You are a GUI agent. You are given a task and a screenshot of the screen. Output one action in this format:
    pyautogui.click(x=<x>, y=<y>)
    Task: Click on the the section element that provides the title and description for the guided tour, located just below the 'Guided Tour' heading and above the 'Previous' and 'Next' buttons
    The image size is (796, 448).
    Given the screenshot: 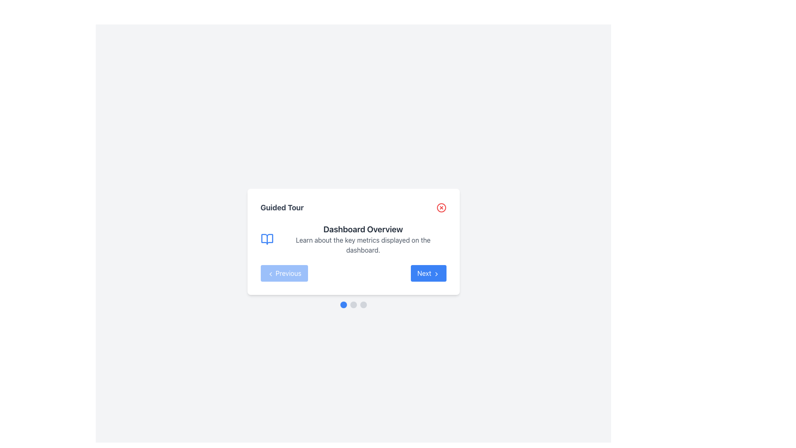 What is the action you would take?
    pyautogui.click(x=353, y=239)
    